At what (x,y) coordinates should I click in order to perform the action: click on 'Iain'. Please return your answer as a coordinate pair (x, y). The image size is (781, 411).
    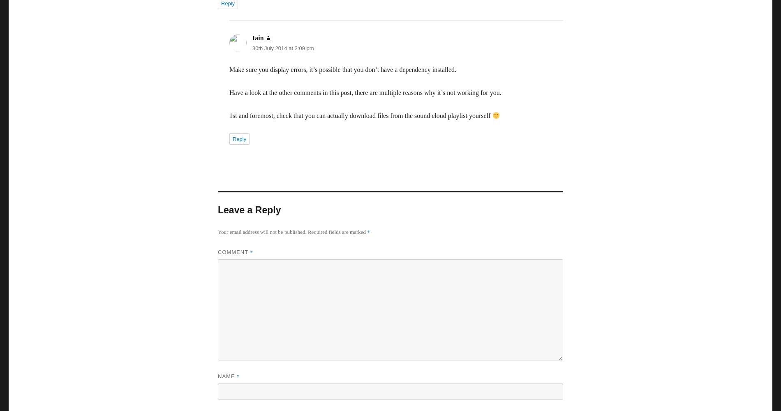
    Looking at the image, I should click on (258, 37).